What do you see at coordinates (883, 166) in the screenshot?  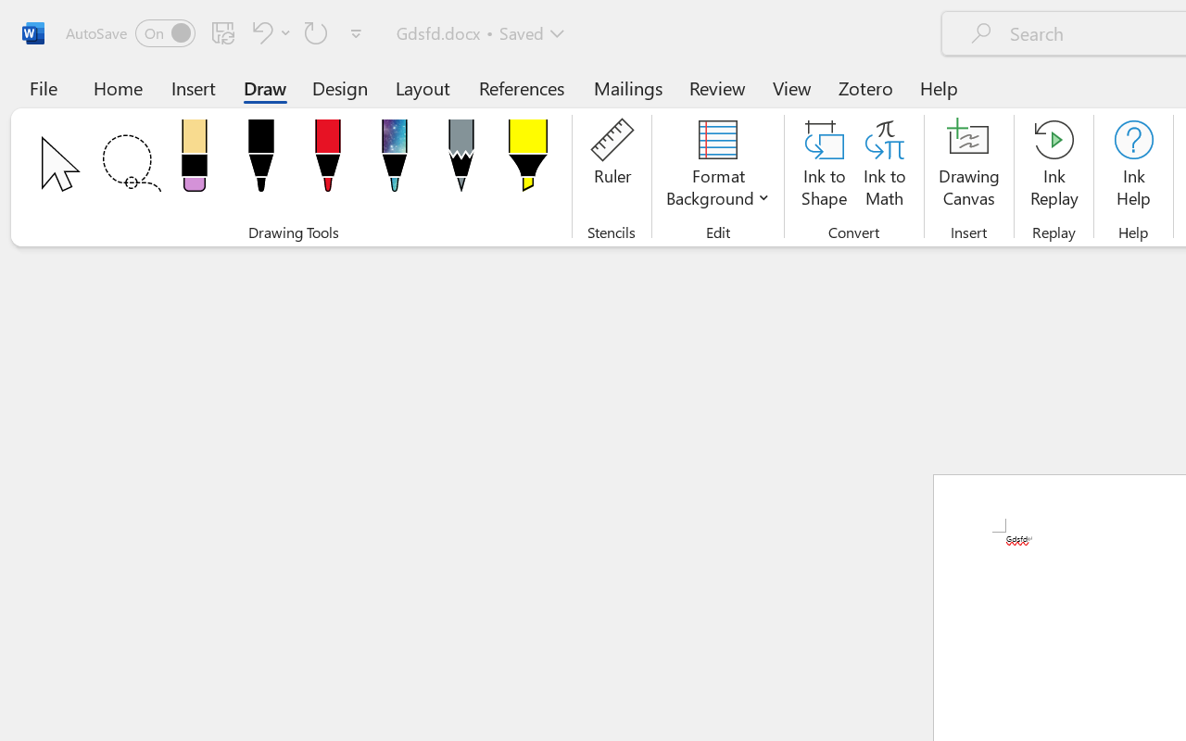 I see `'Ink to Math'` at bounding box center [883, 166].